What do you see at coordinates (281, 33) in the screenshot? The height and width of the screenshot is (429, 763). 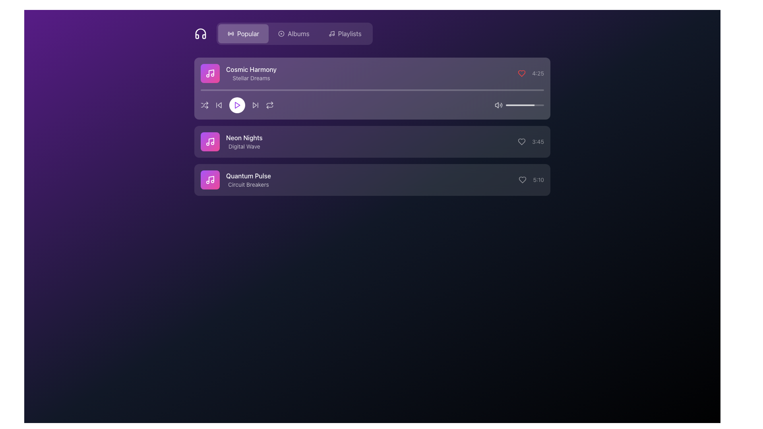 I see `the circular icon with a dark appearance and lighter outline located within the 'Albums' button in the top navigation bar` at bounding box center [281, 33].